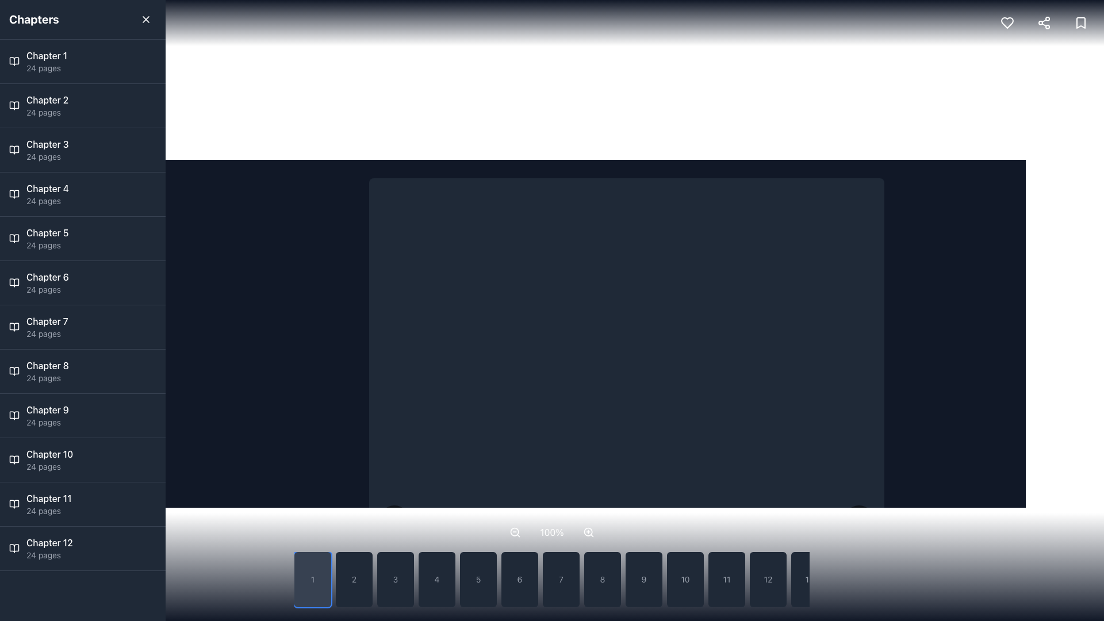 Image resolution: width=1104 pixels, height=621 pixels. Describe the element at coordinates (46, 68) in the screenshot. I see `the static text label that informs the user about the number of pages associated with 'Chapter 1', located beneath the 'Chapter 1' text in the left-hand navigation panel` at that location.